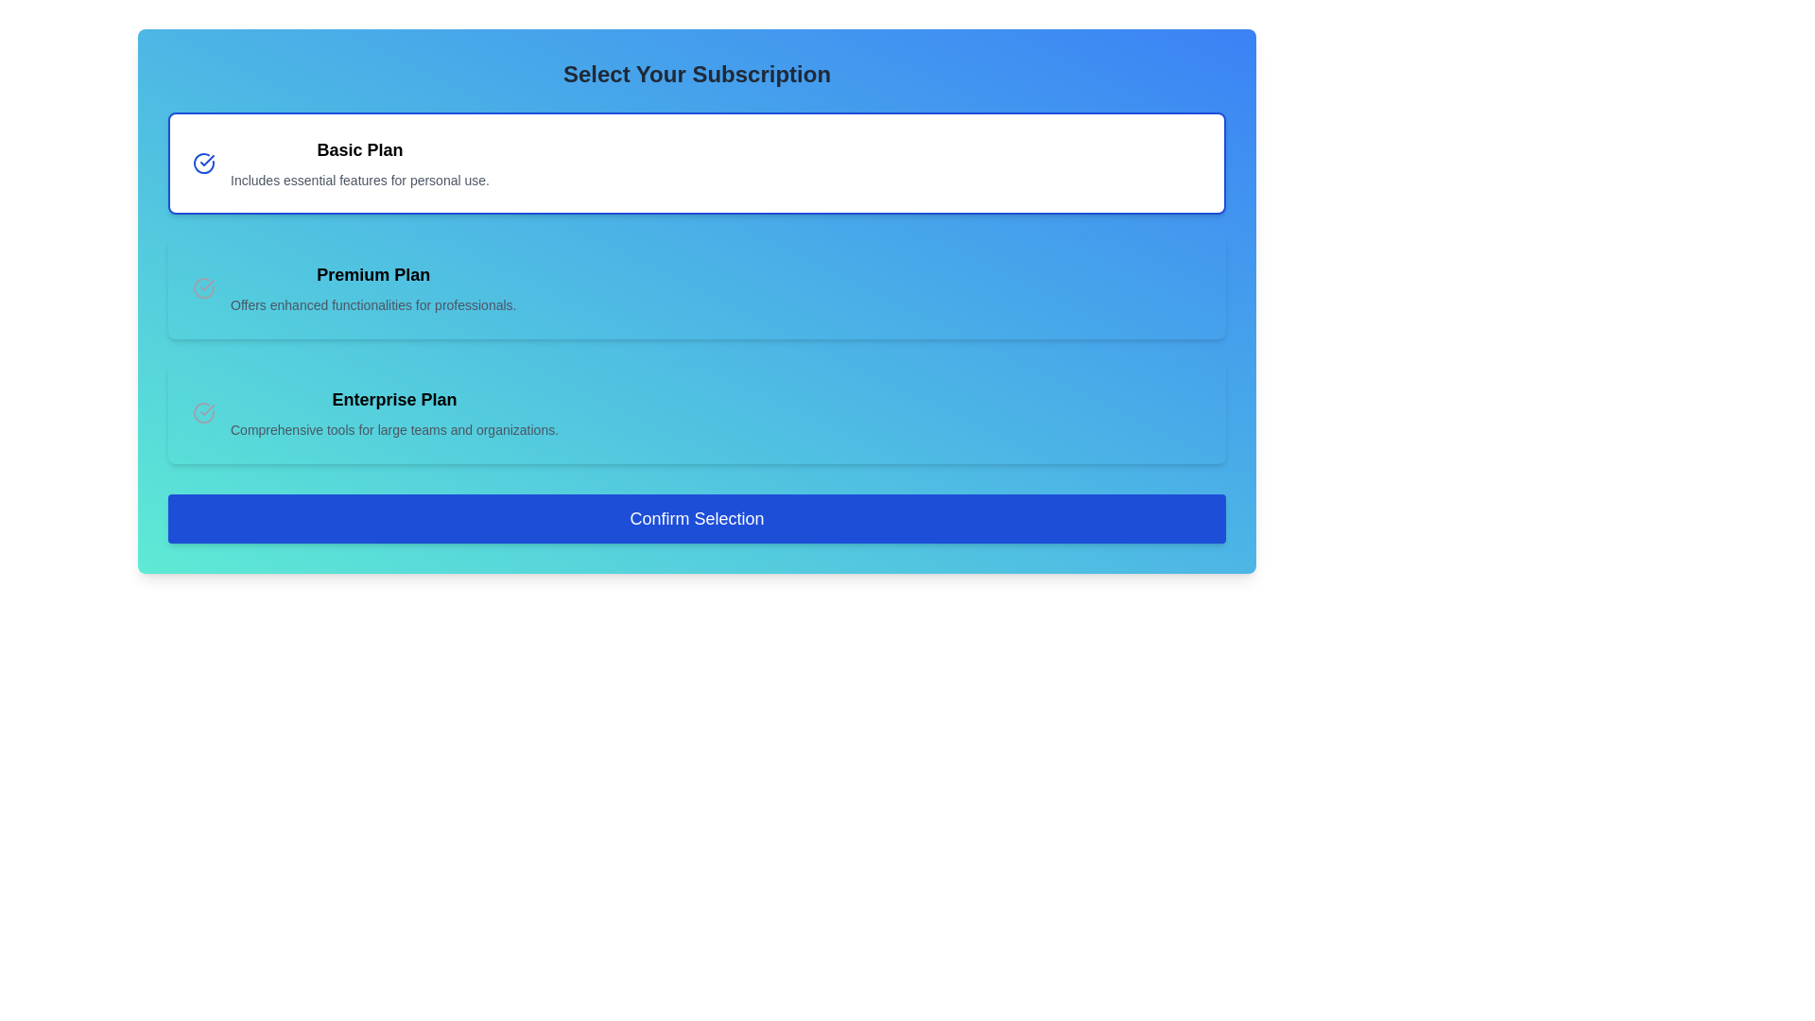 The image size is (1815, 1021). I want to click on the check mark indicator that indicates the selection status of the 'Enterprise Plan' option, located to the left of the main text content, so click(204, 411).